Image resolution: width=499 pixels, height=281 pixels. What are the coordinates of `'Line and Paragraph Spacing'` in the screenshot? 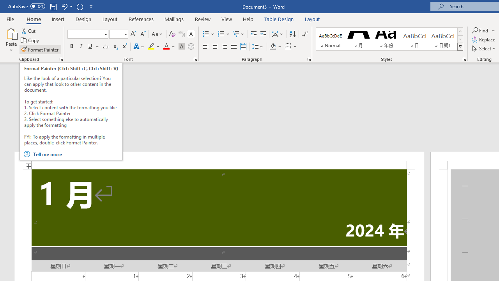 It's located at (258, 46).